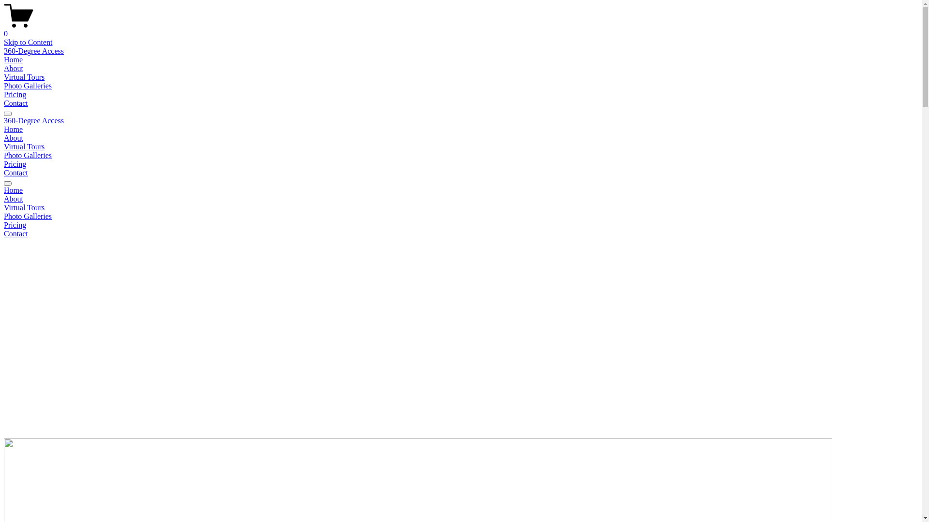 The height and width of the screenshot is (522, 929). Describe the element at coordinates (14, 138) in the screenshot. I see `'About'` at that location.